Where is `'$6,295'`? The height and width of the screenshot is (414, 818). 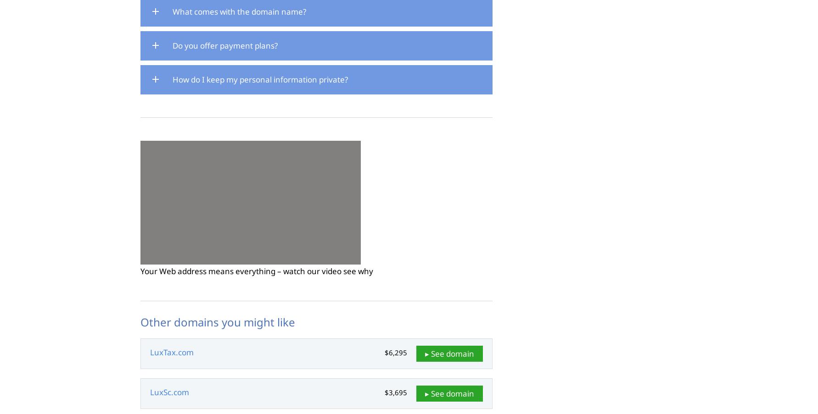 '$6,295' is located at coordinates (395, 352).